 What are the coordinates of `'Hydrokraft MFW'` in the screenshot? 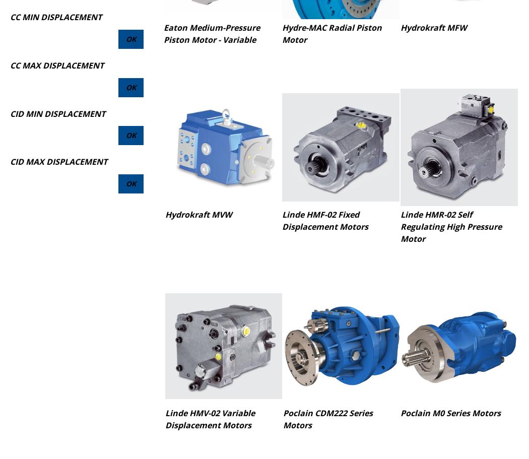 It's located at (400, 27).